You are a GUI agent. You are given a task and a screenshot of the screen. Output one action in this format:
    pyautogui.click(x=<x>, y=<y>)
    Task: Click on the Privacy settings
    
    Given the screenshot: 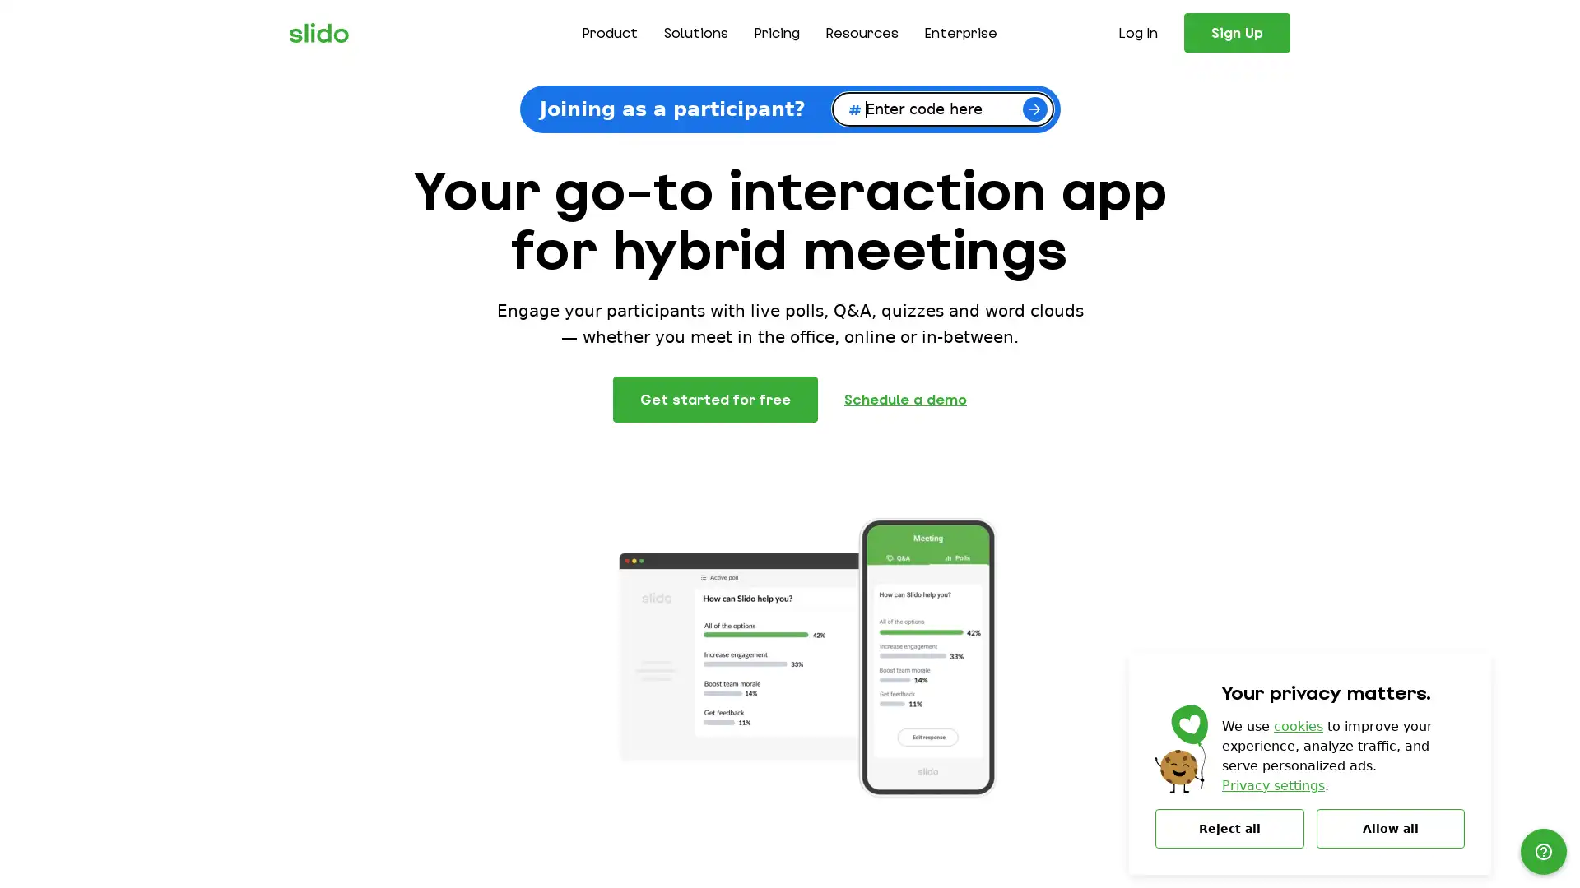 What is the action you would take?
    pyautogui.click(x=1272, y=784)
    